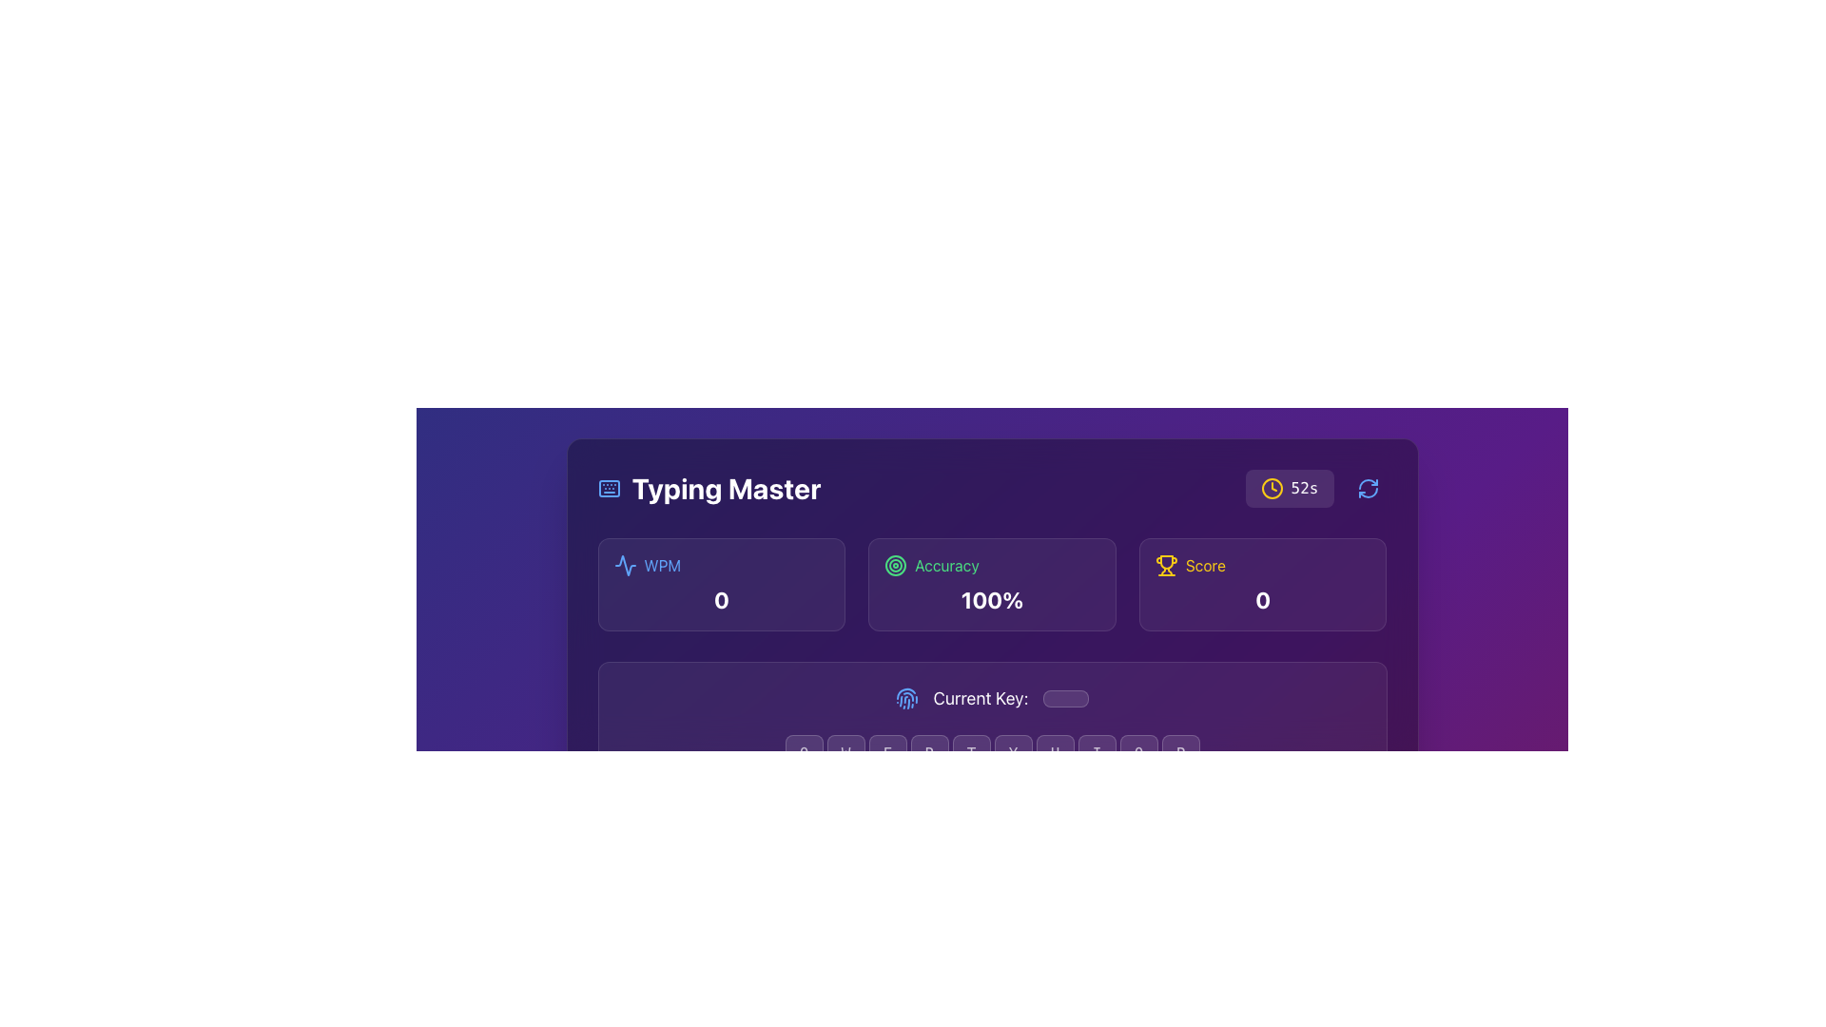 The height and width of the screenshot is (1027, 1826). I want to click on the fourth button in the row of letter keys that spell out 'ZXCVBNM', so click(991, 843).